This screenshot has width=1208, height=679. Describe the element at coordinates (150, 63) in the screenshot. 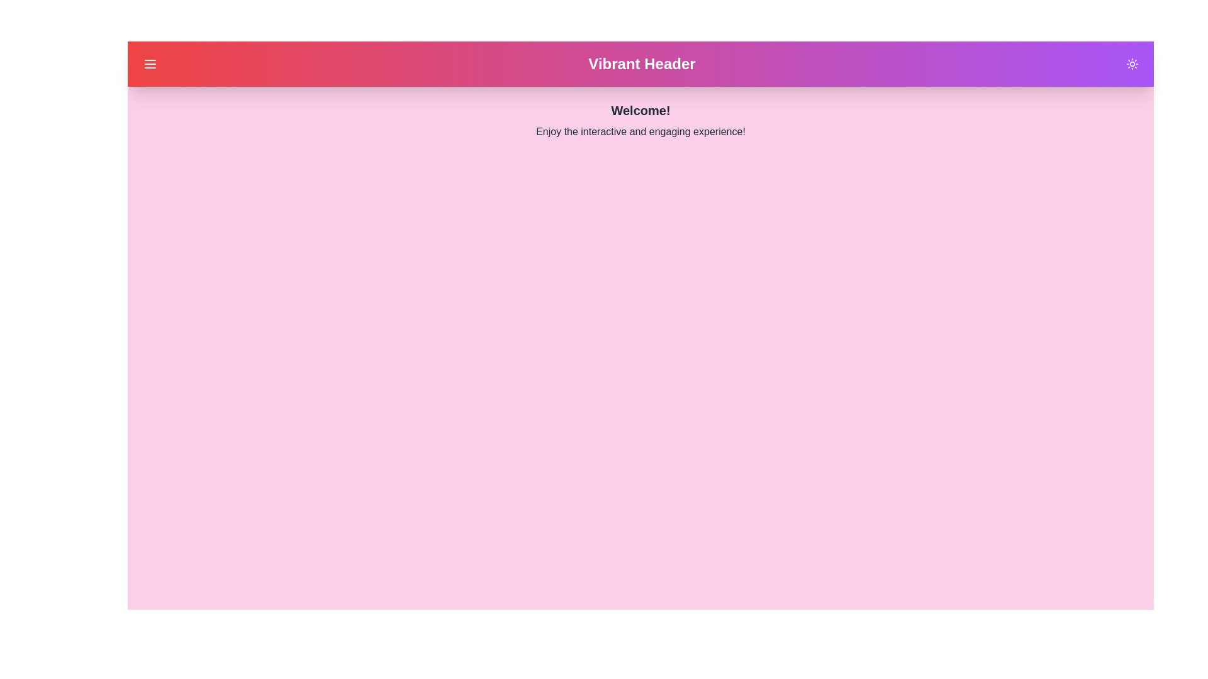

I see `the menu button in the top-left corner to open the menu` at that location.